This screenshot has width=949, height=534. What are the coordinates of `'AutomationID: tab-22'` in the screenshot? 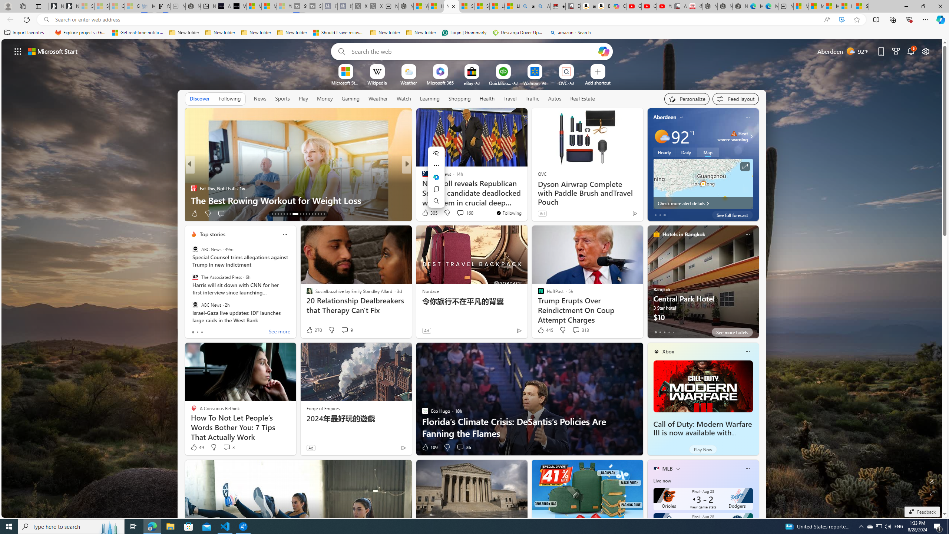 It's located at (302, 214).